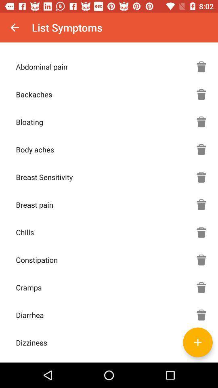 This screenshot has width=218, height=388. I want to click on icon next to the list symptoms icon, so click(15, 27).